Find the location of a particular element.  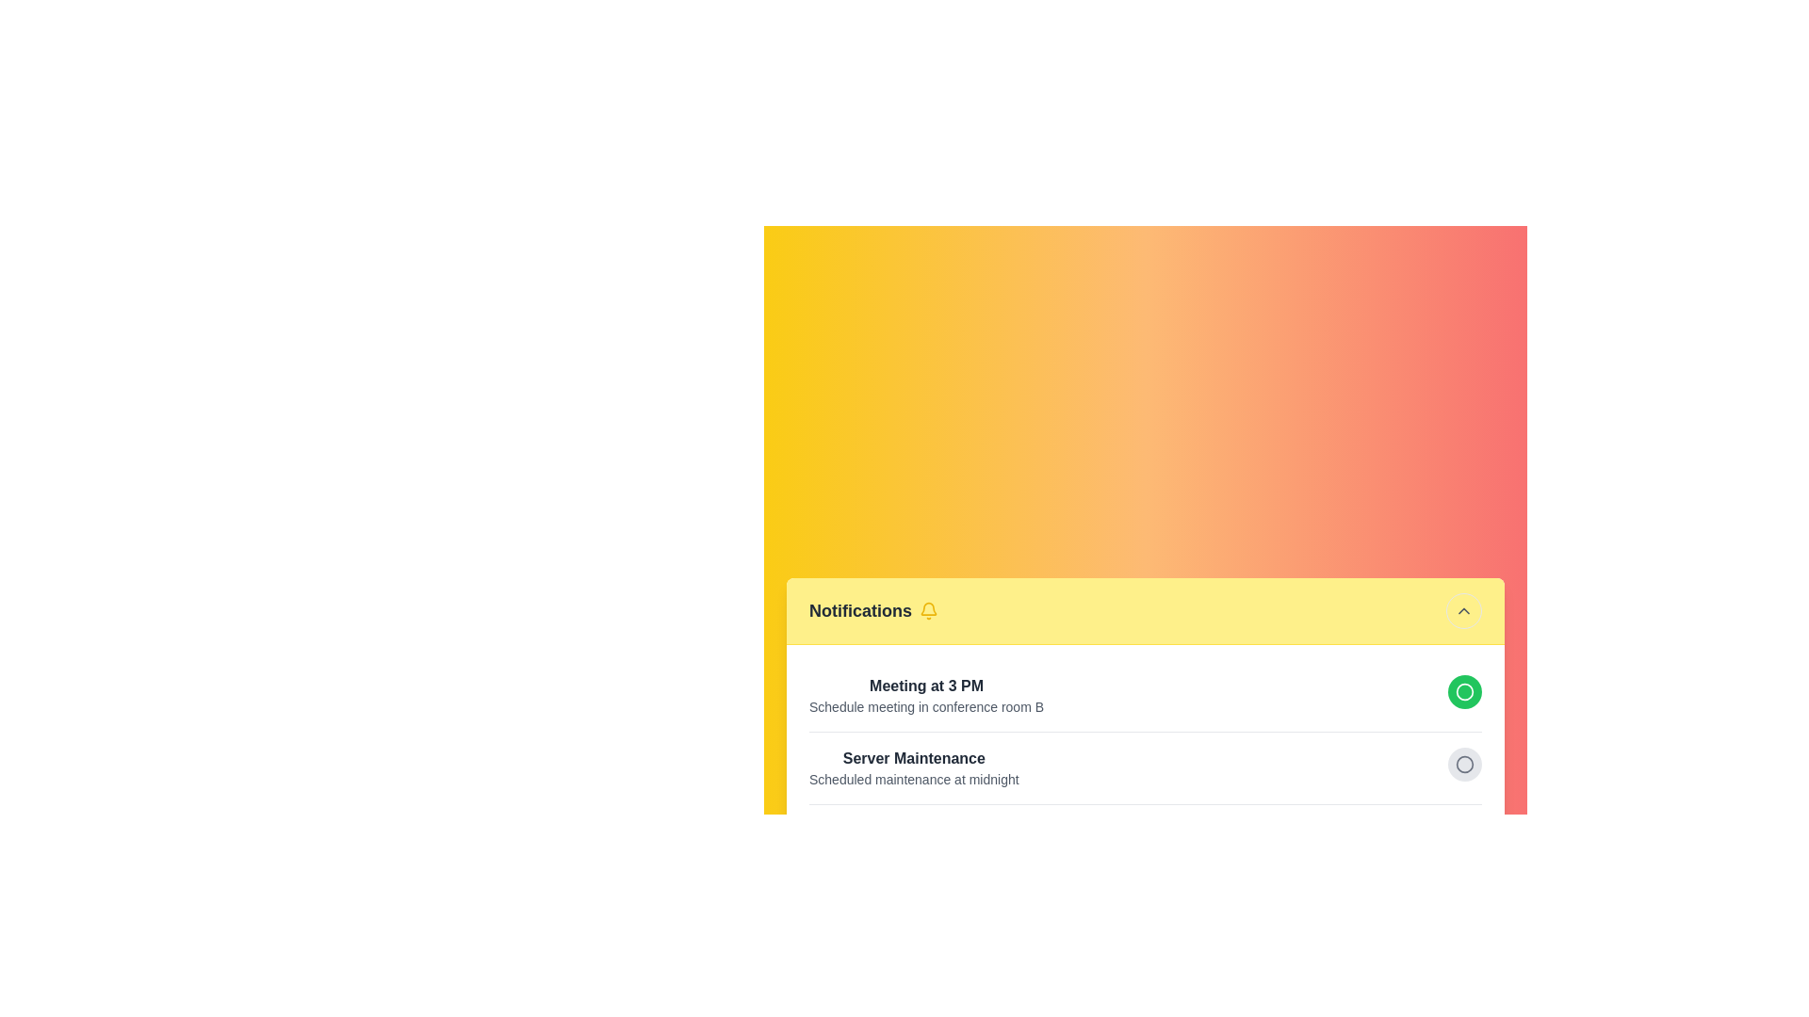

the second task block titled 'Server Maintenance' in the notifications section is located at coordinates (1144, 767).